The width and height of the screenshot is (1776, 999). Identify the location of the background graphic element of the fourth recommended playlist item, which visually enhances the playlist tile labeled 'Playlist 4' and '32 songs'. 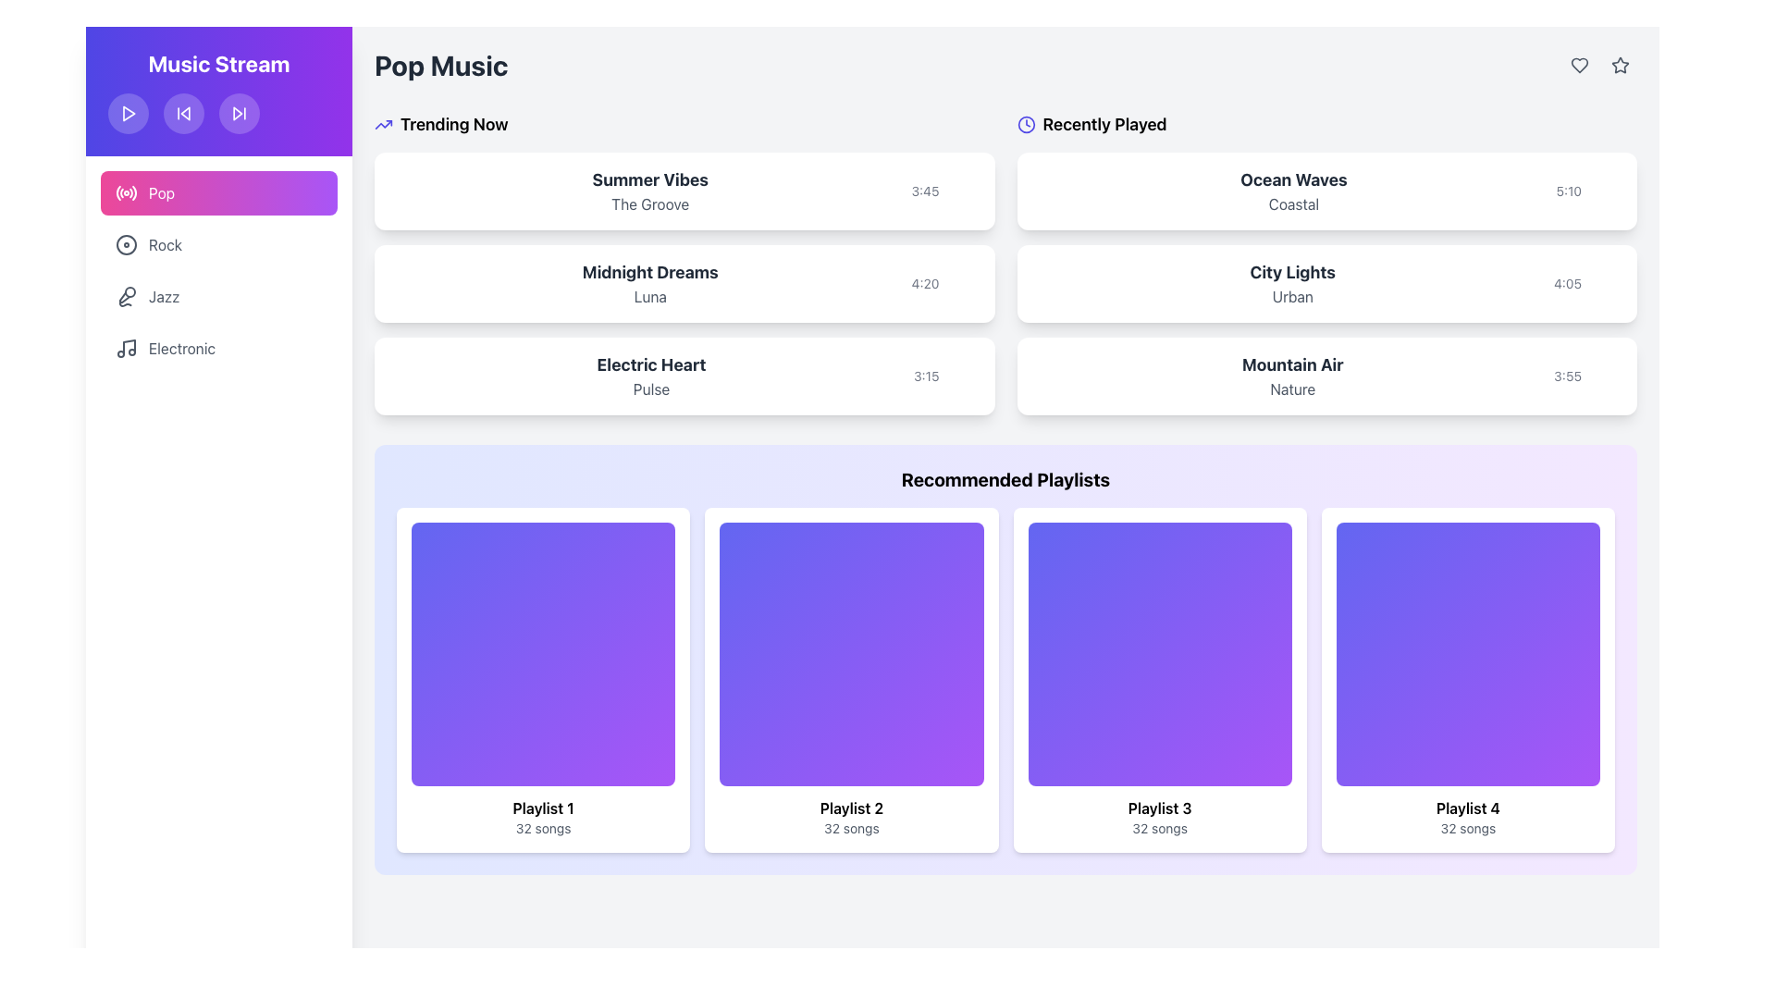
(1467, 653).